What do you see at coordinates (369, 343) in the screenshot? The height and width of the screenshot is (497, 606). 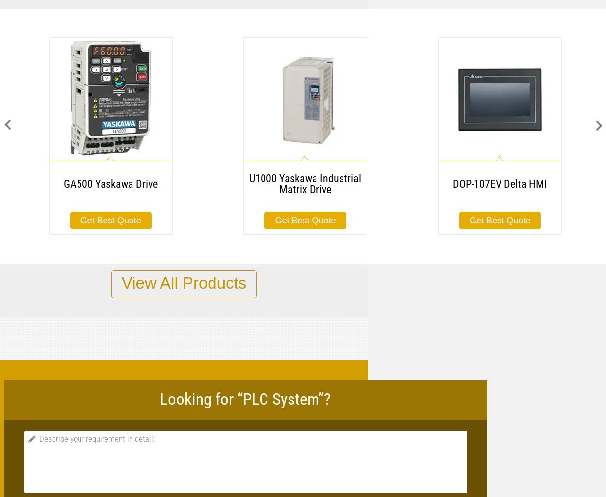 I see `'PID controller with auto-tuning functionality.'` at bounding box center [369, 343].